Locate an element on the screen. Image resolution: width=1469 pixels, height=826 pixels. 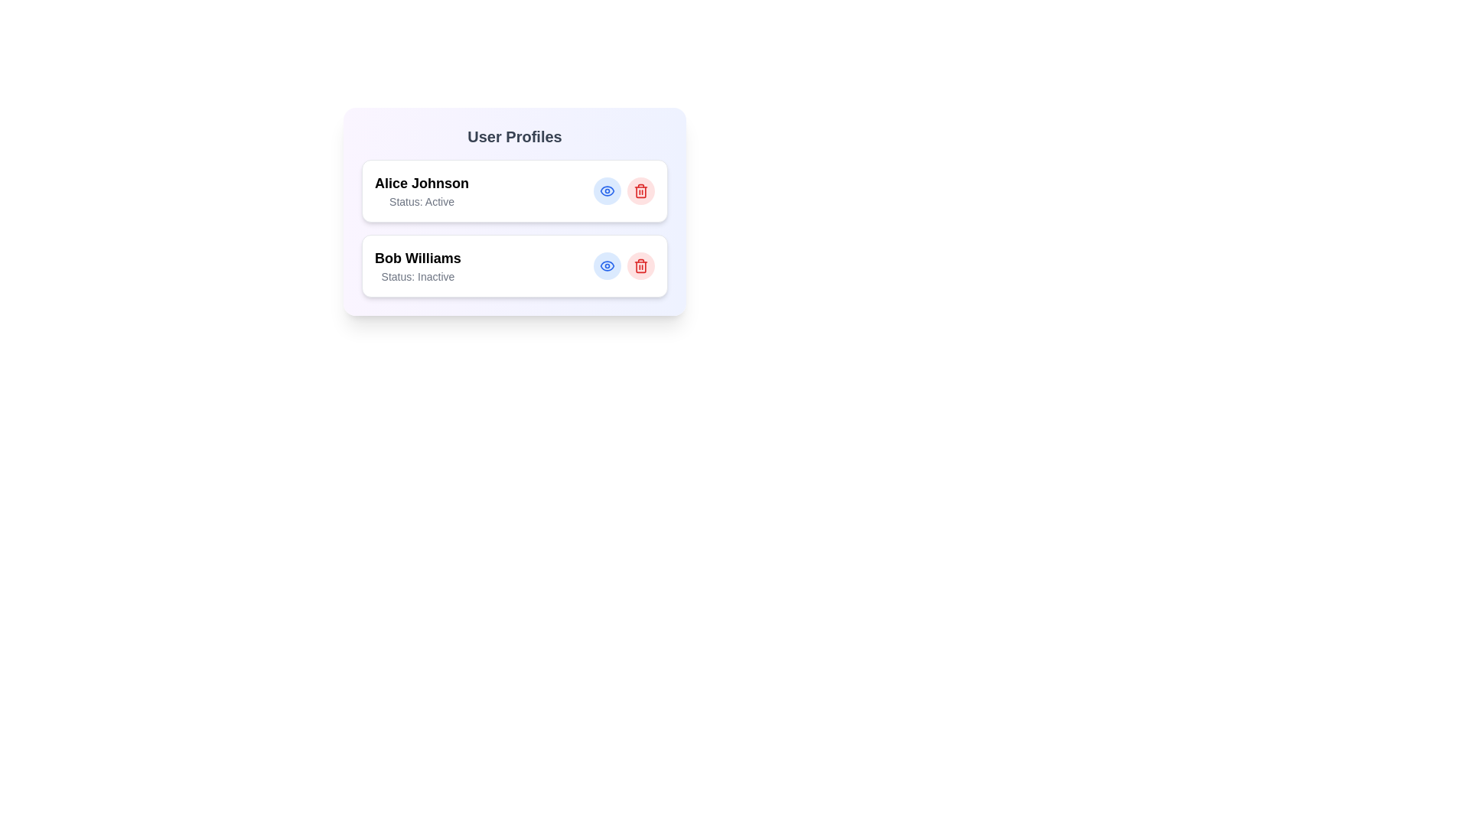
the eye icon to view the profile of Bob Williams is located at coordinates (606, 265).